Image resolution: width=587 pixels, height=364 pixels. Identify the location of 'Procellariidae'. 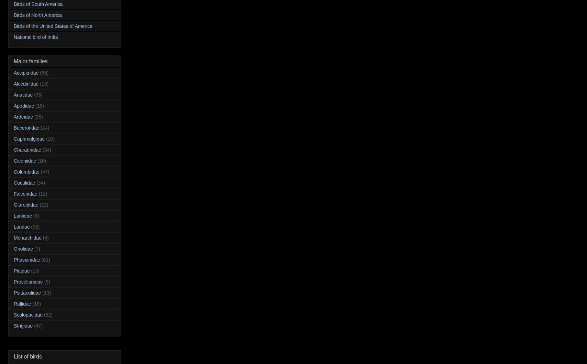
(28, 281).